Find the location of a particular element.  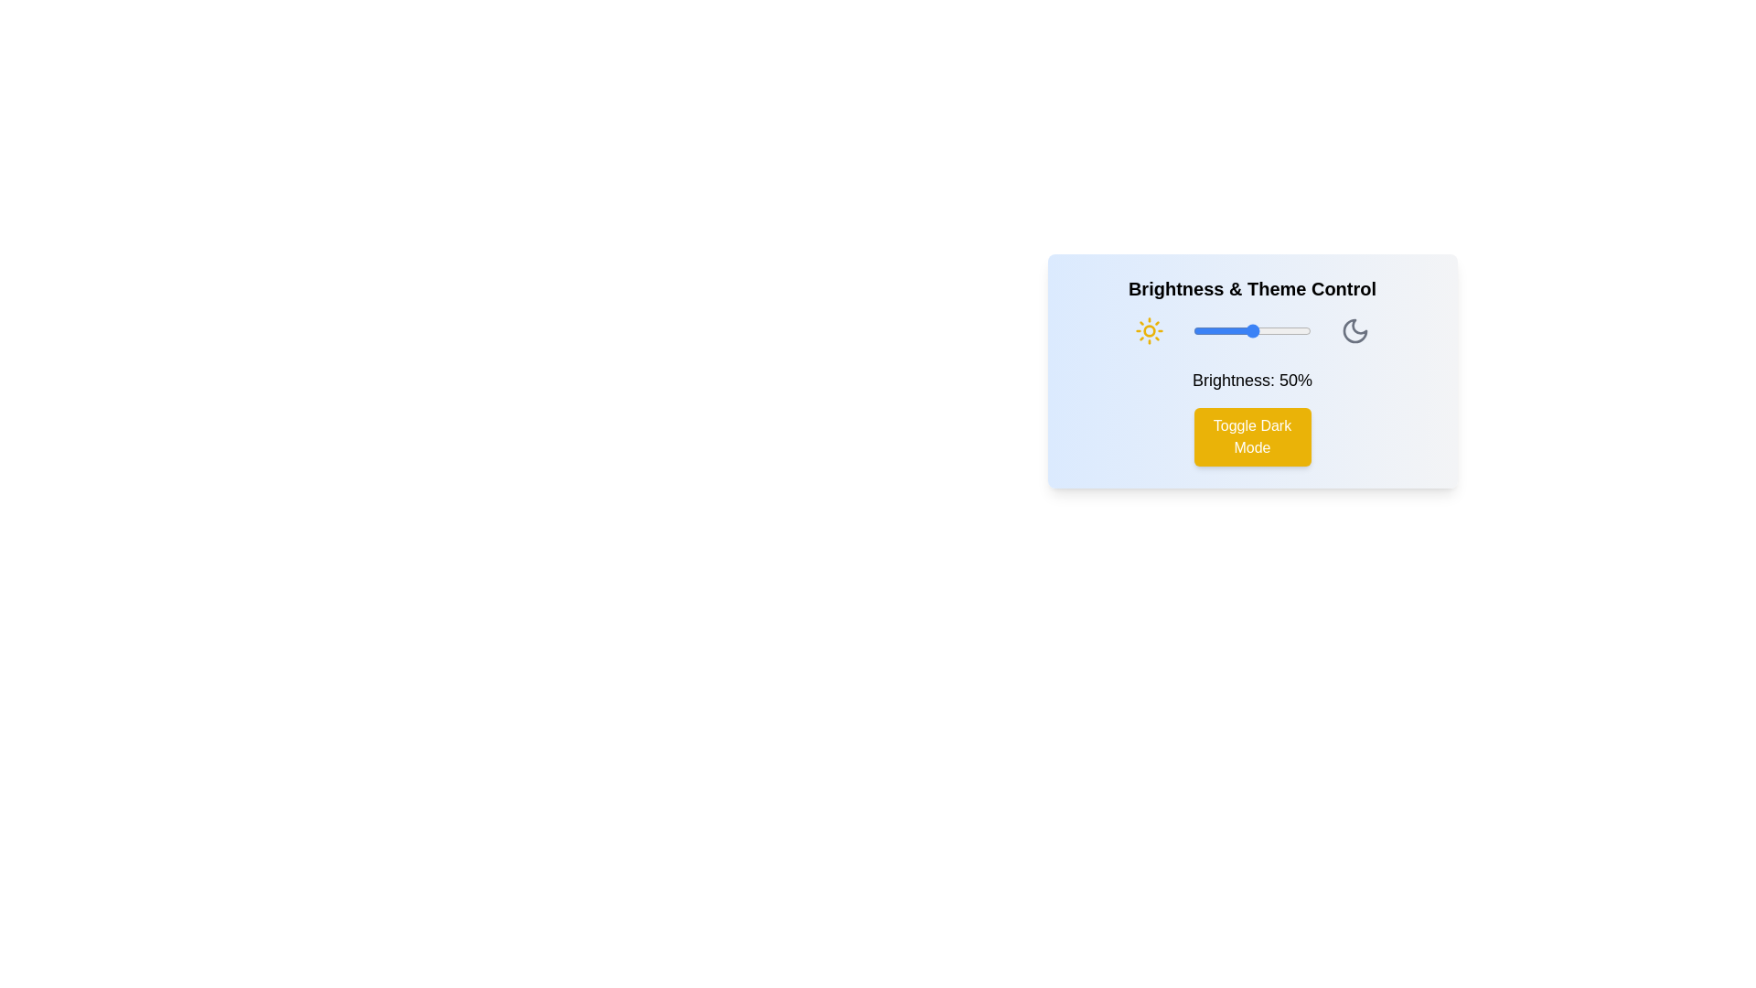

the 'Toggle Dark Mode' button to switch between light and dark themes is located at coordinates (1251, 437).